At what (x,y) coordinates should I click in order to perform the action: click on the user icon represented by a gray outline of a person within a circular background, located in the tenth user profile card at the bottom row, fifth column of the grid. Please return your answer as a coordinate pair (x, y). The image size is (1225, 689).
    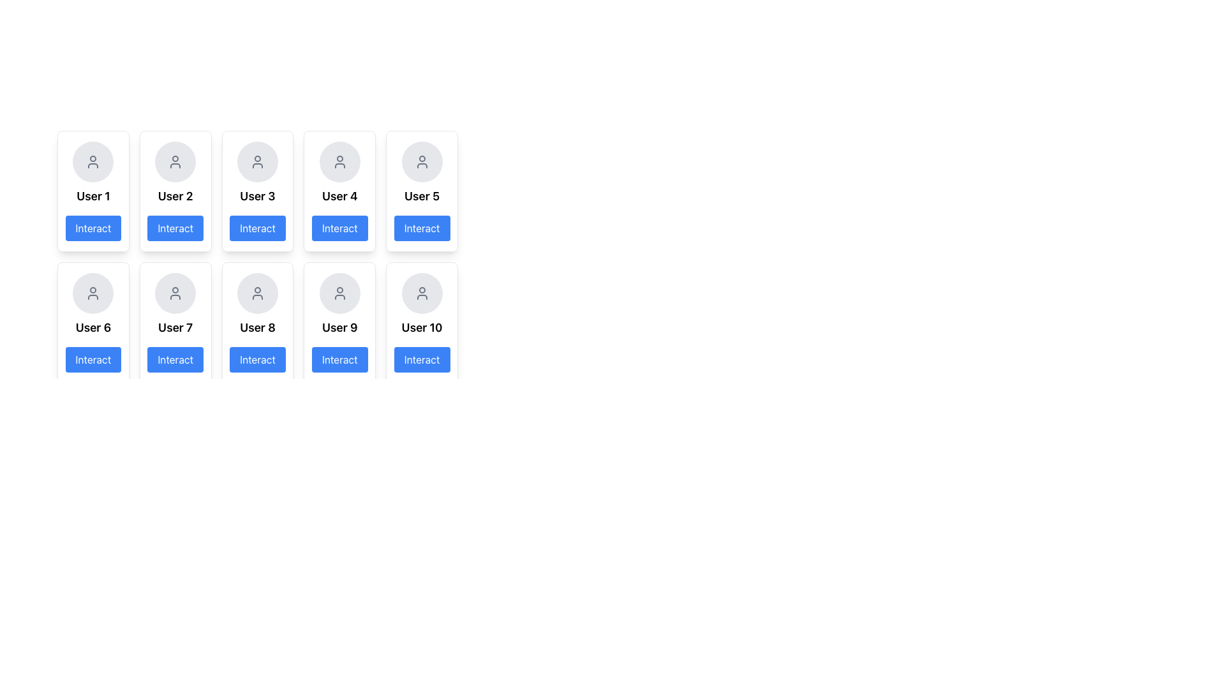
    Looking at the image, I should click on (422, 293).